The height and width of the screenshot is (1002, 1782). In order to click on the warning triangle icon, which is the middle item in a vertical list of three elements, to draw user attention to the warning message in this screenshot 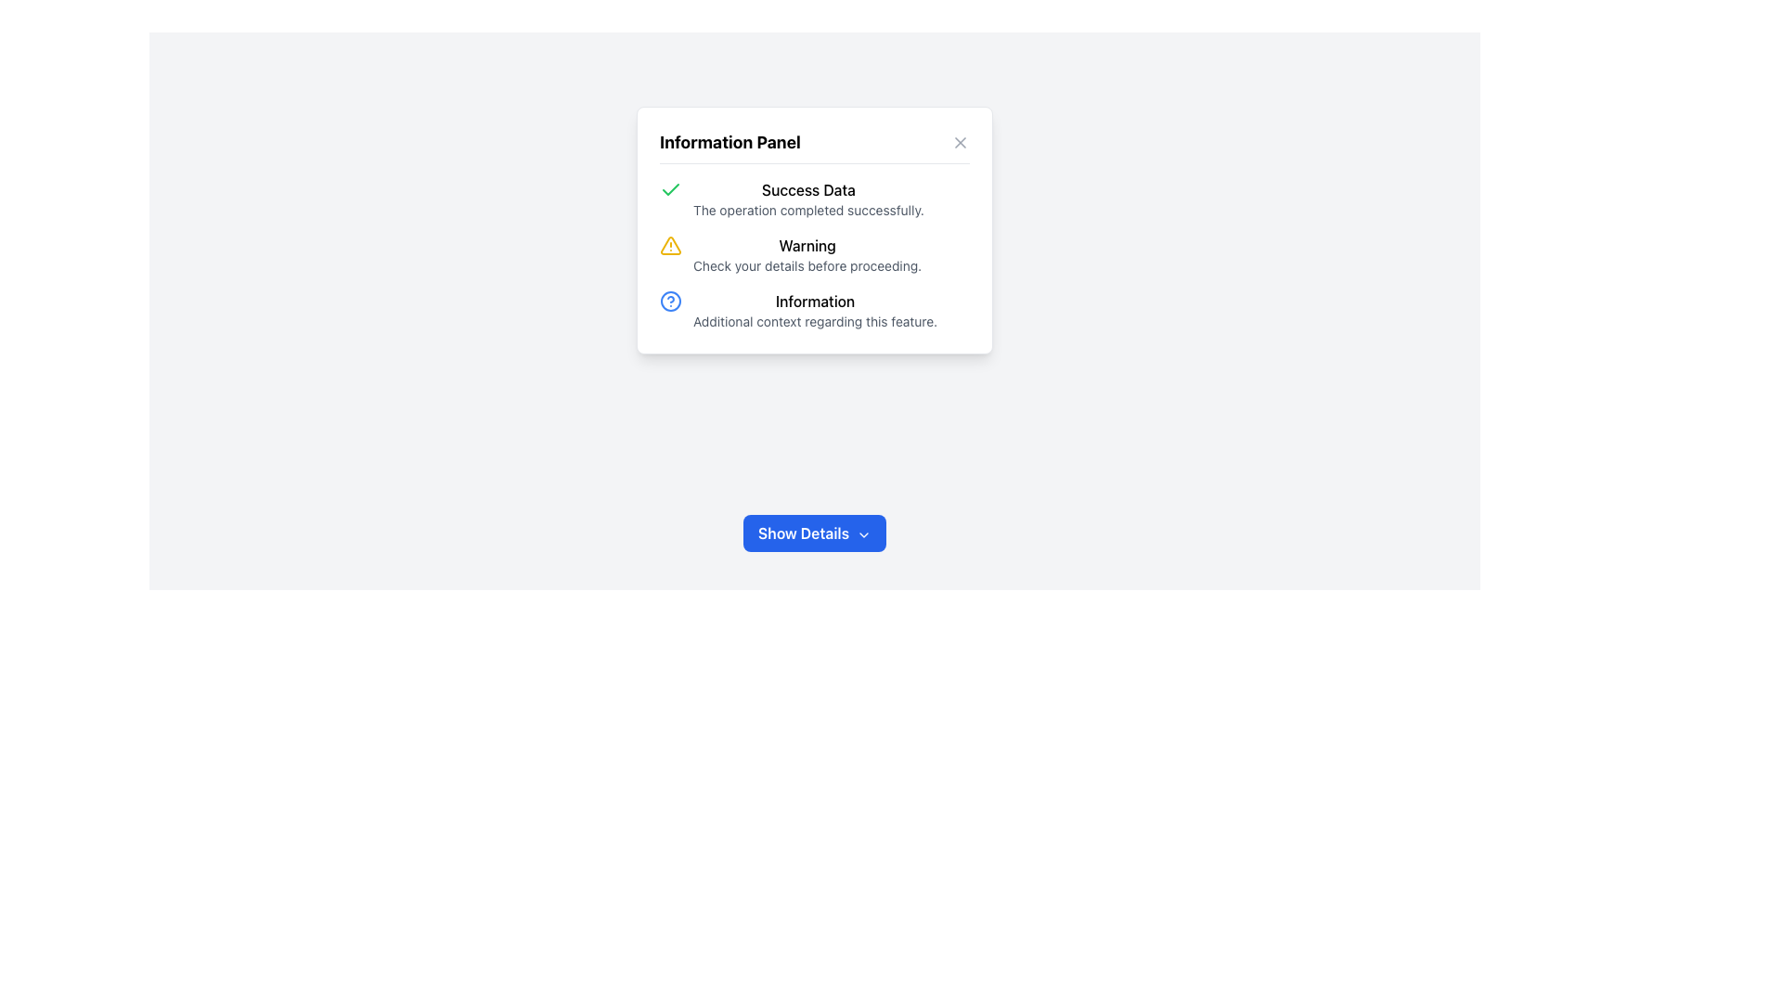, I will do `click(670, 245)`.